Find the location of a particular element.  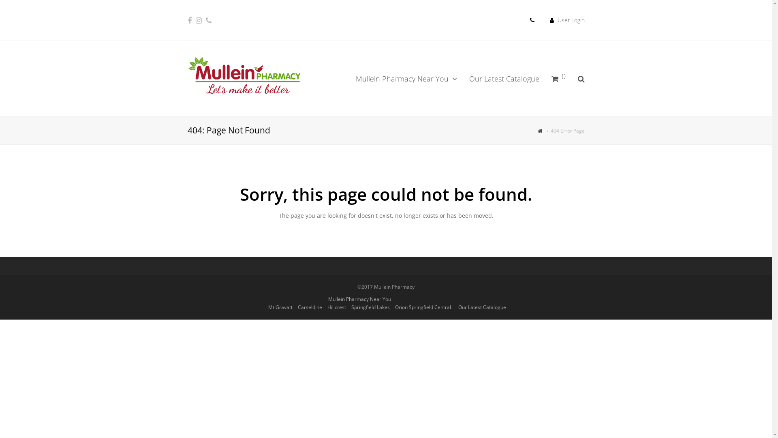

'User Login' is located at coordinates (557, 19).